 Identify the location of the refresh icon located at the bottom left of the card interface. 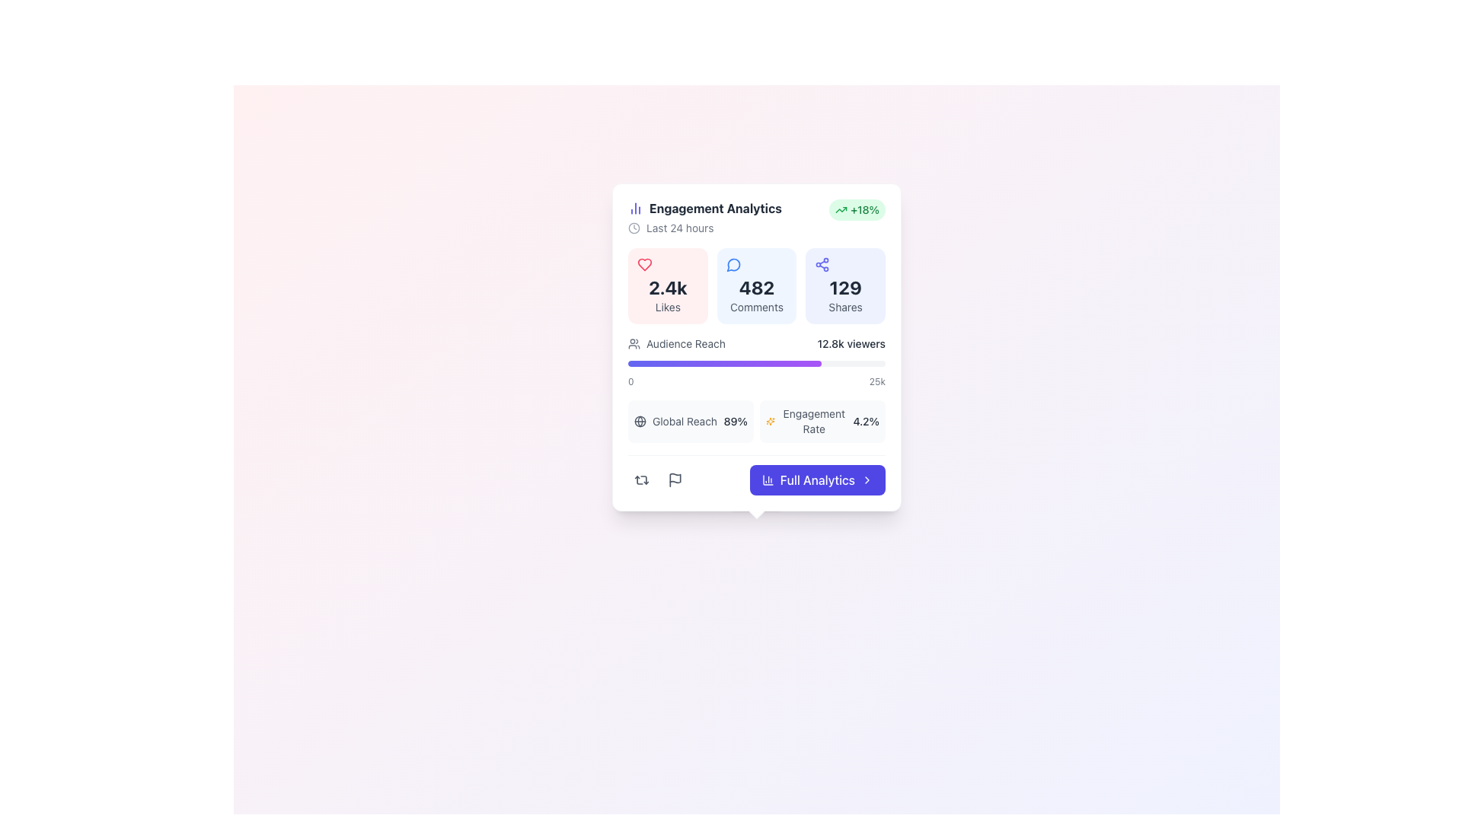
(642, 480).